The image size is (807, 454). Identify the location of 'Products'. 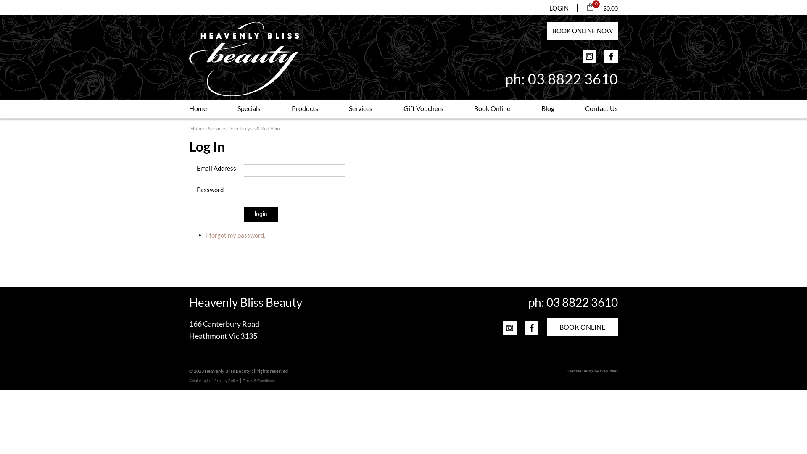
(292, 108).